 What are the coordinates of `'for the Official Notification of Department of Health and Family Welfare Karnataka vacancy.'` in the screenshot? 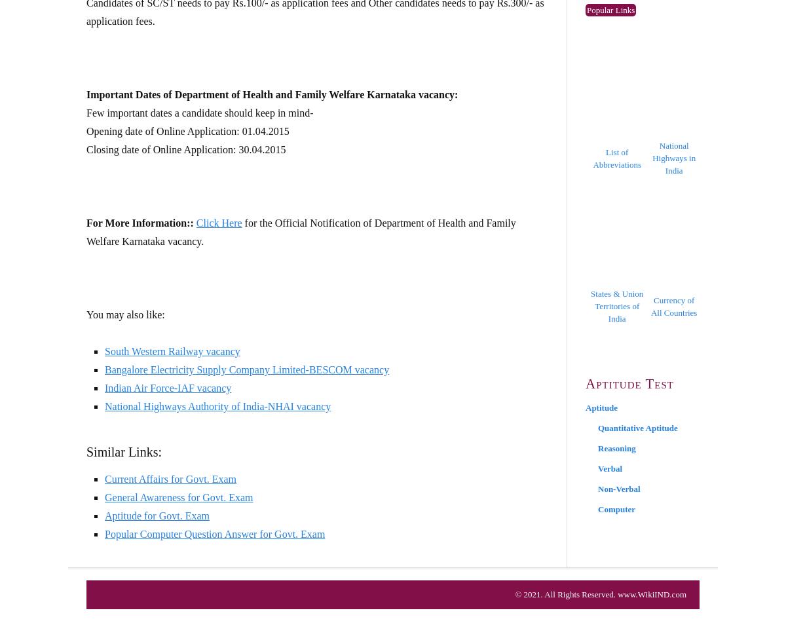 It's located at (300, 232).